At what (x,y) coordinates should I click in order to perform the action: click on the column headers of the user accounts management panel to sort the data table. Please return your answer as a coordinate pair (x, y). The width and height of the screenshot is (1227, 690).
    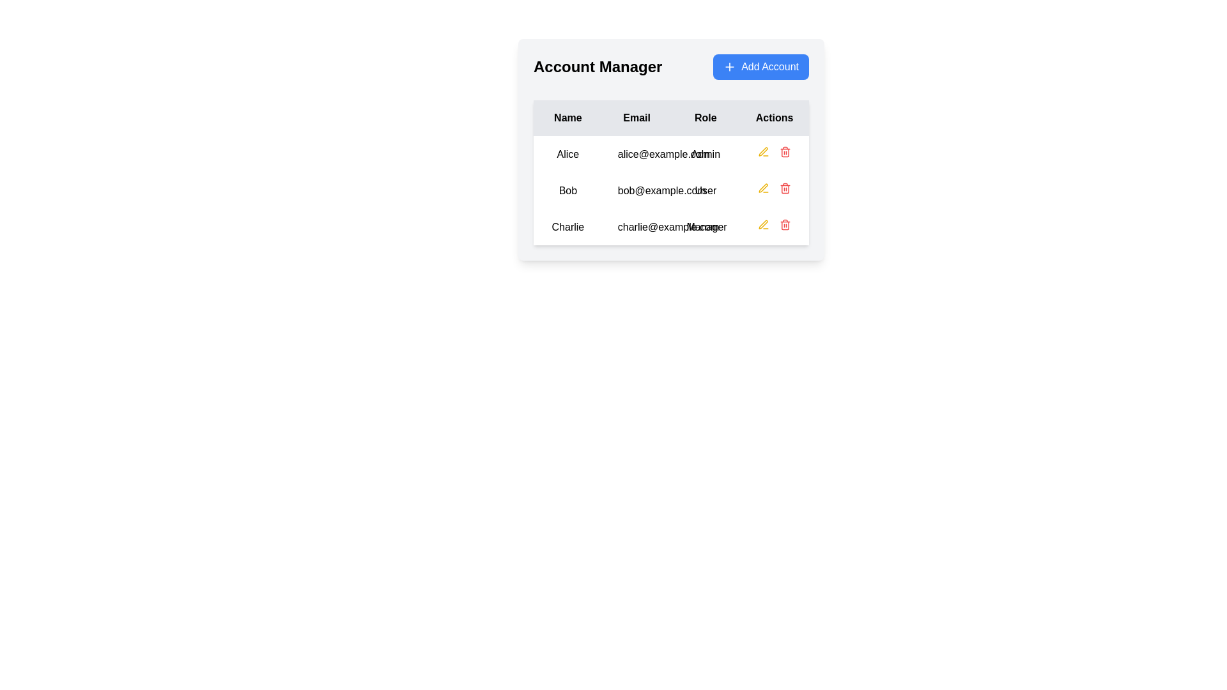
    Looking at the image, I should click on (670, 149).